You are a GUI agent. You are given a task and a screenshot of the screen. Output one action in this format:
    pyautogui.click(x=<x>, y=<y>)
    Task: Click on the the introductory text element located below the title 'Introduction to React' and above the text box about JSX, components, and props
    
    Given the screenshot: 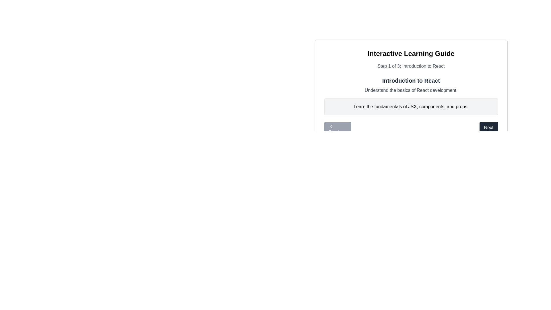 What is the action you would take?
    pyautogui.click(x=411, y=90)
    